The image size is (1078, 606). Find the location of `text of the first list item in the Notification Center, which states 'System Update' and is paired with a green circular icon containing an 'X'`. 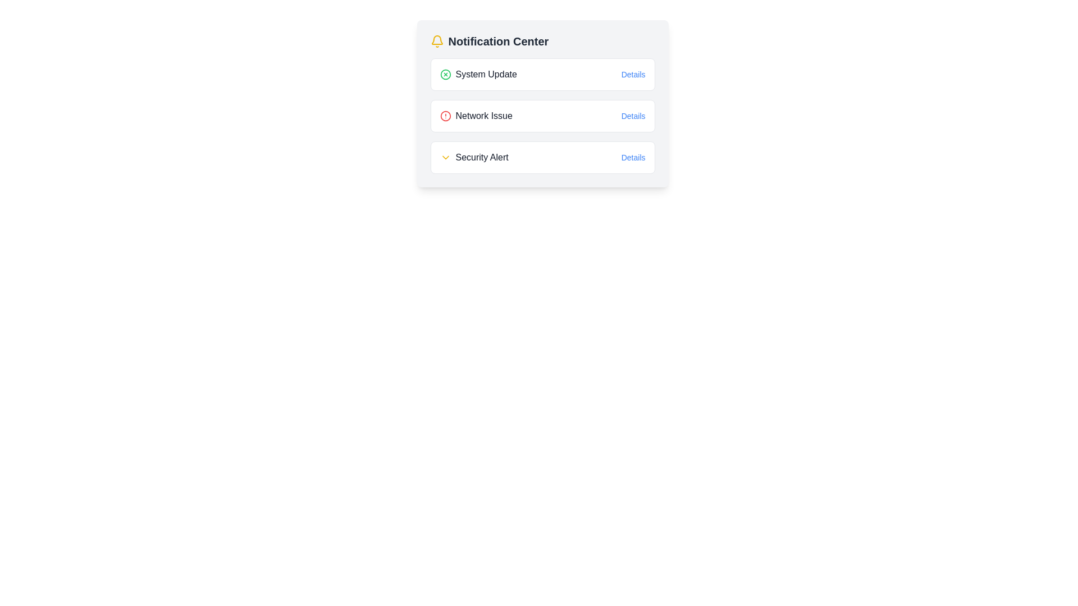

text of the first list item in the Notification Center, which states 'System Update' and is paired with a green circular icon containing an 'X' is located at coordinates (478, 74).